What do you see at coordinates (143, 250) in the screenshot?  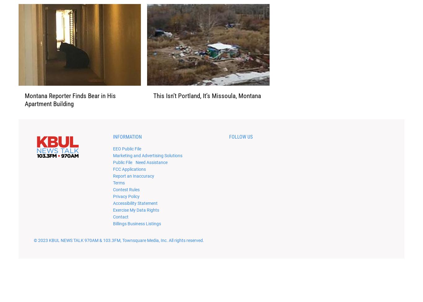 I see `', Townsquare Media, Inc'` at bounding box center [143, 250].